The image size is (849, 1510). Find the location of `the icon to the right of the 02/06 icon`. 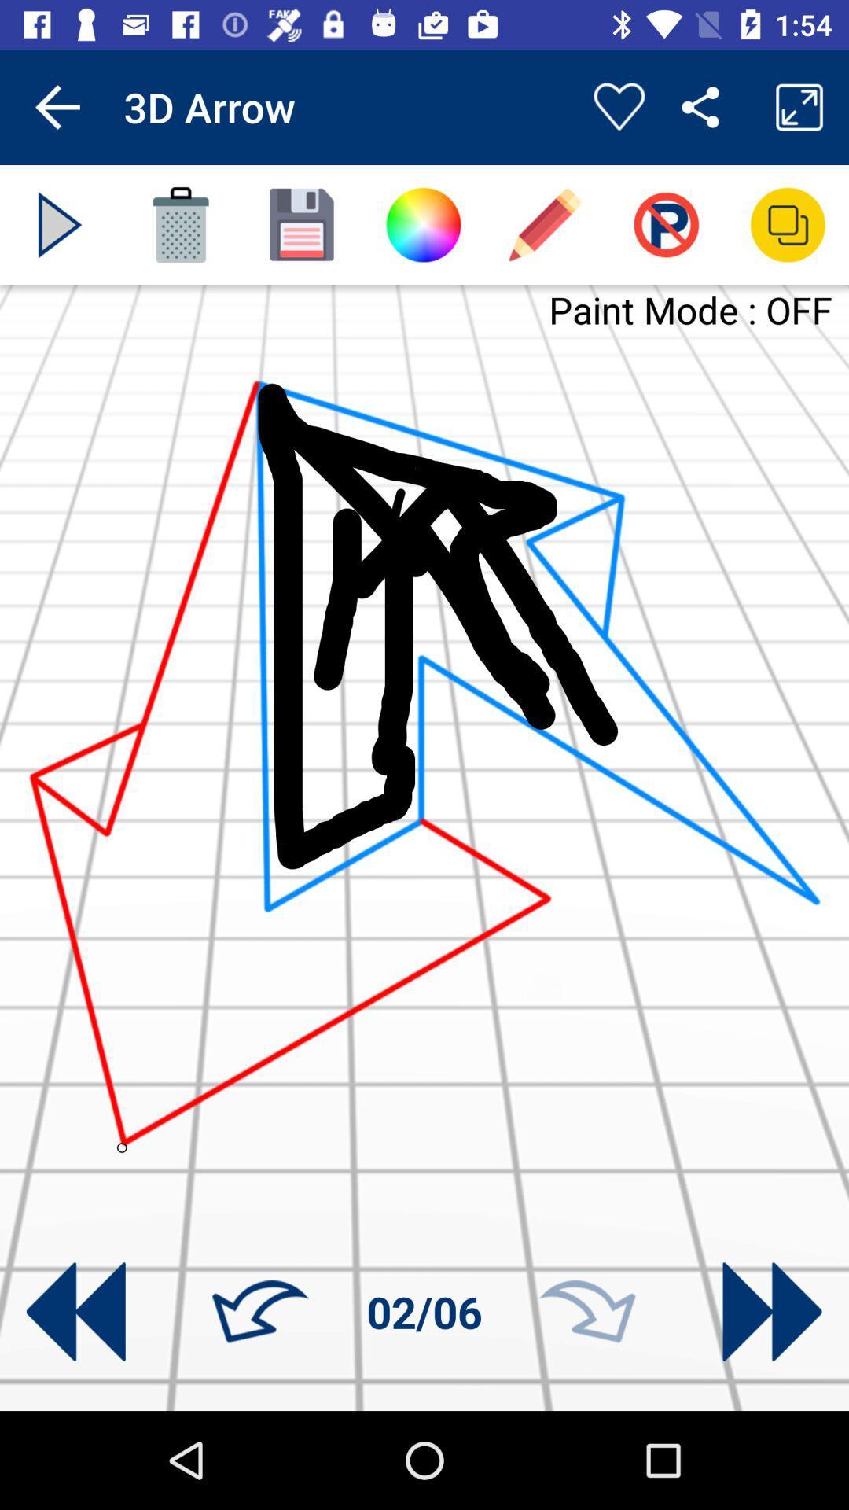

the icon to the right of the 02/06 icon is located at coordinates (587, 1312).